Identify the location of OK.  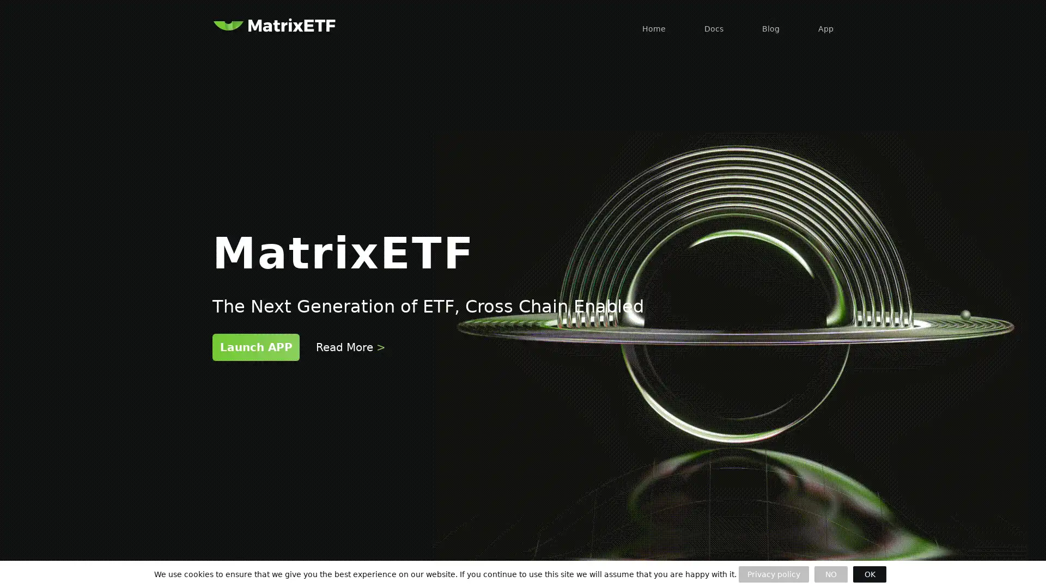
(869, 574).